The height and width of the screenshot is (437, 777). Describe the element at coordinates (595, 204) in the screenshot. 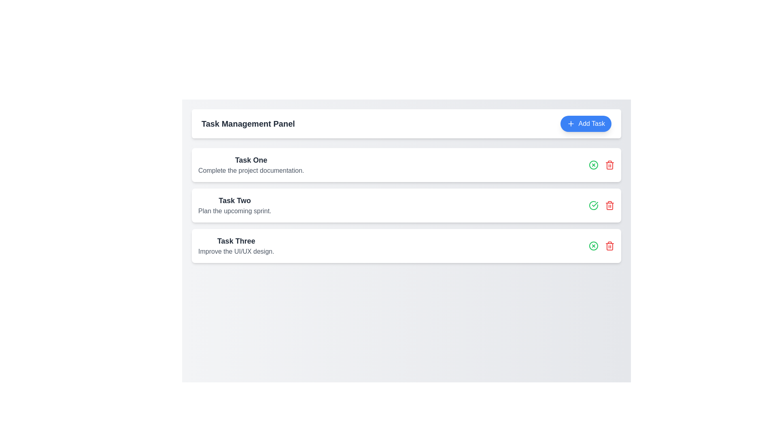

I see `the green checkmark icon with rounded edges located in the third task row to mark the task as complete` at that location.